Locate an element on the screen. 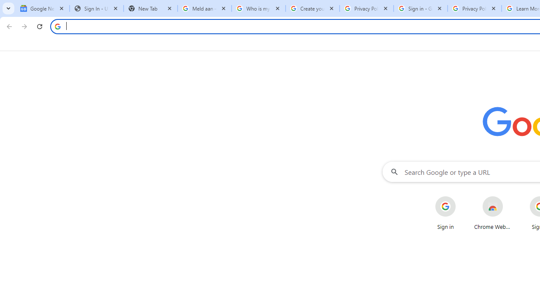 The width and height of the screenshot is (540, 304). 'More actions for Sign in shortcut' is located at coordinates (462, 197).